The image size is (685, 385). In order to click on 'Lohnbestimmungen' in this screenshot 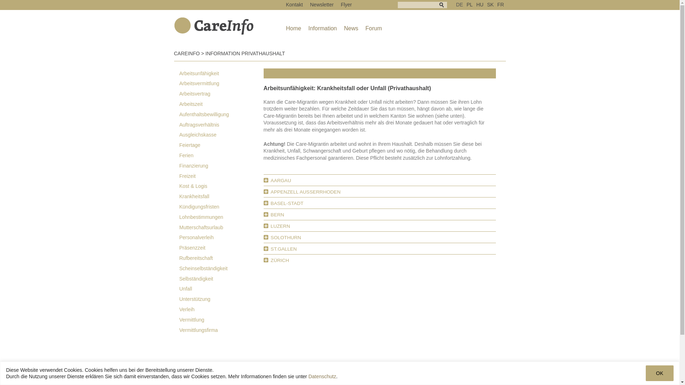, I will do `click(221, 217)`.